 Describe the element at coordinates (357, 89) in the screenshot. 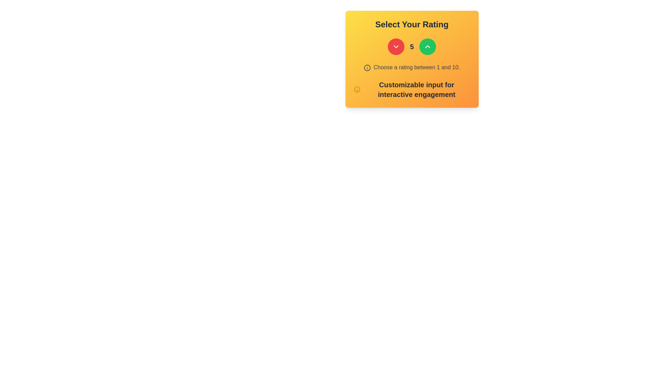

I see `the decorative icon located in the bottom-left corner of the 'Select Your Rating' panel, adjacent to the text 'Customizable input for interactive engagement'` at that location.